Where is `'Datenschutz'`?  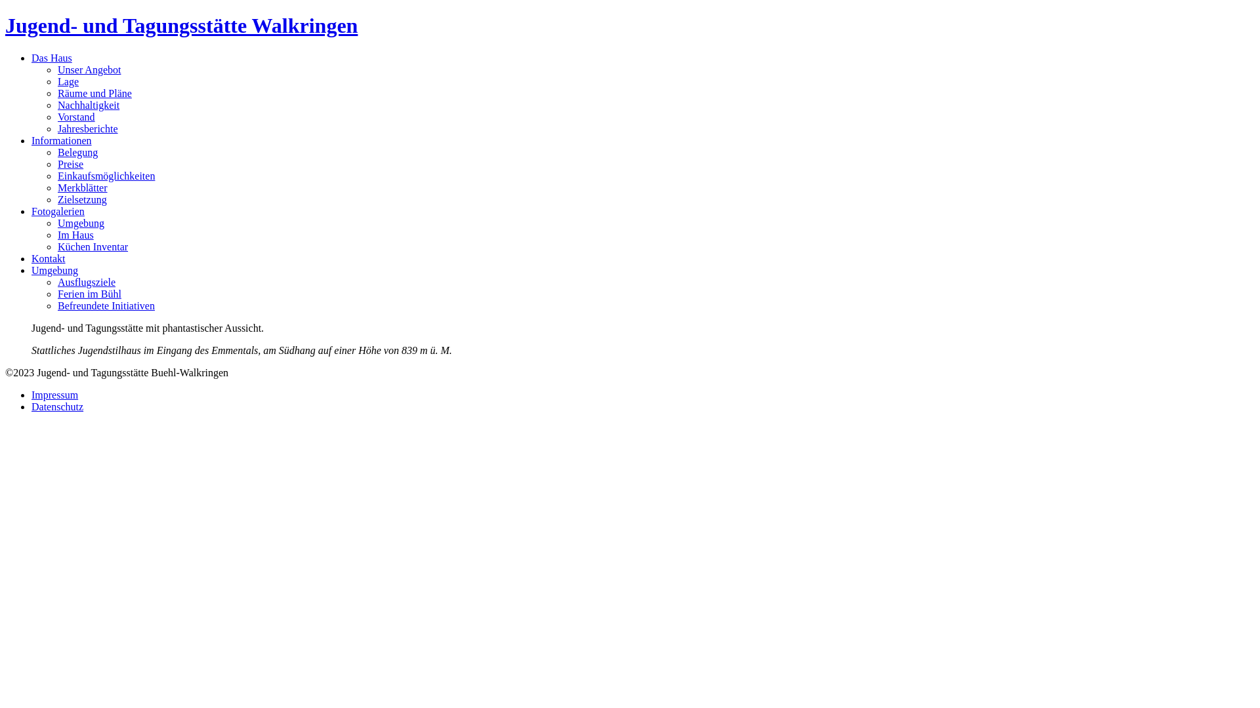
'Datenschutz' is located at coordinates (56, 406).